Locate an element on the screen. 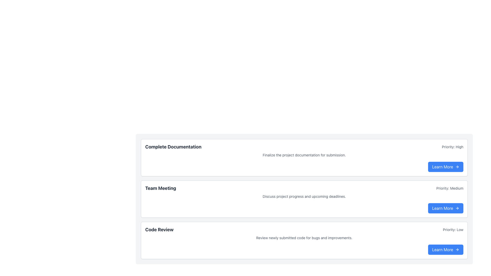 This screenshot has width=491, height=276. the static text label that reads 'Discuss project progress and upcoming deadlines.' which is associated with the 'Team Meeting' heading is located at coordinates (304, 196).